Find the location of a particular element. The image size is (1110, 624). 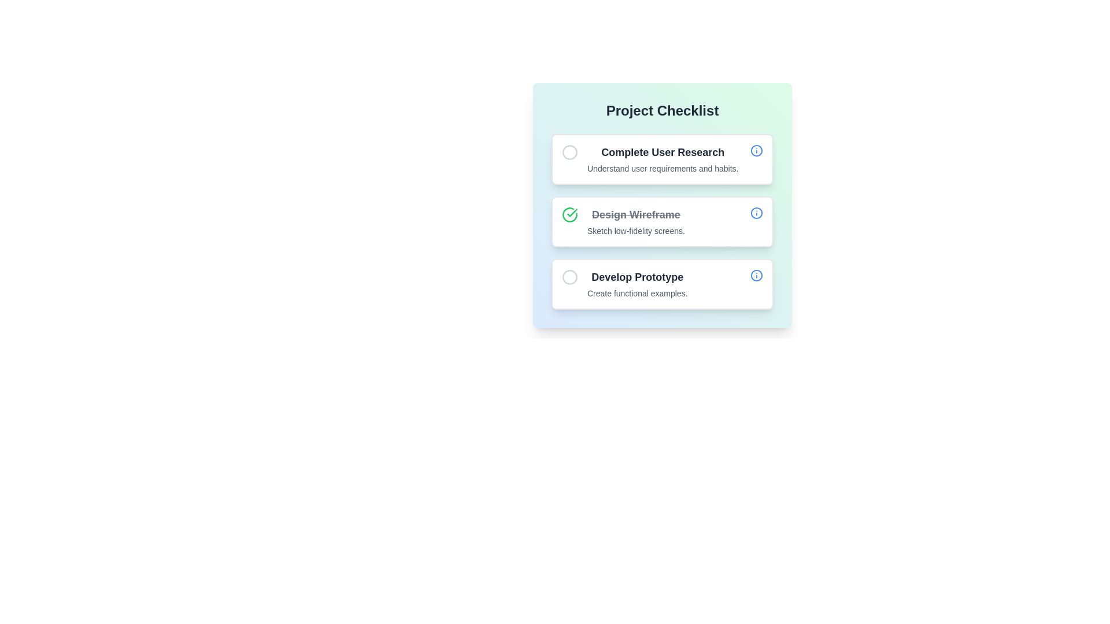

the decorative arc of the checkmark icon located next to the 'Design Wireframe' checklist item in the 'Project Checklist.' is located at coordinates (569, 214).